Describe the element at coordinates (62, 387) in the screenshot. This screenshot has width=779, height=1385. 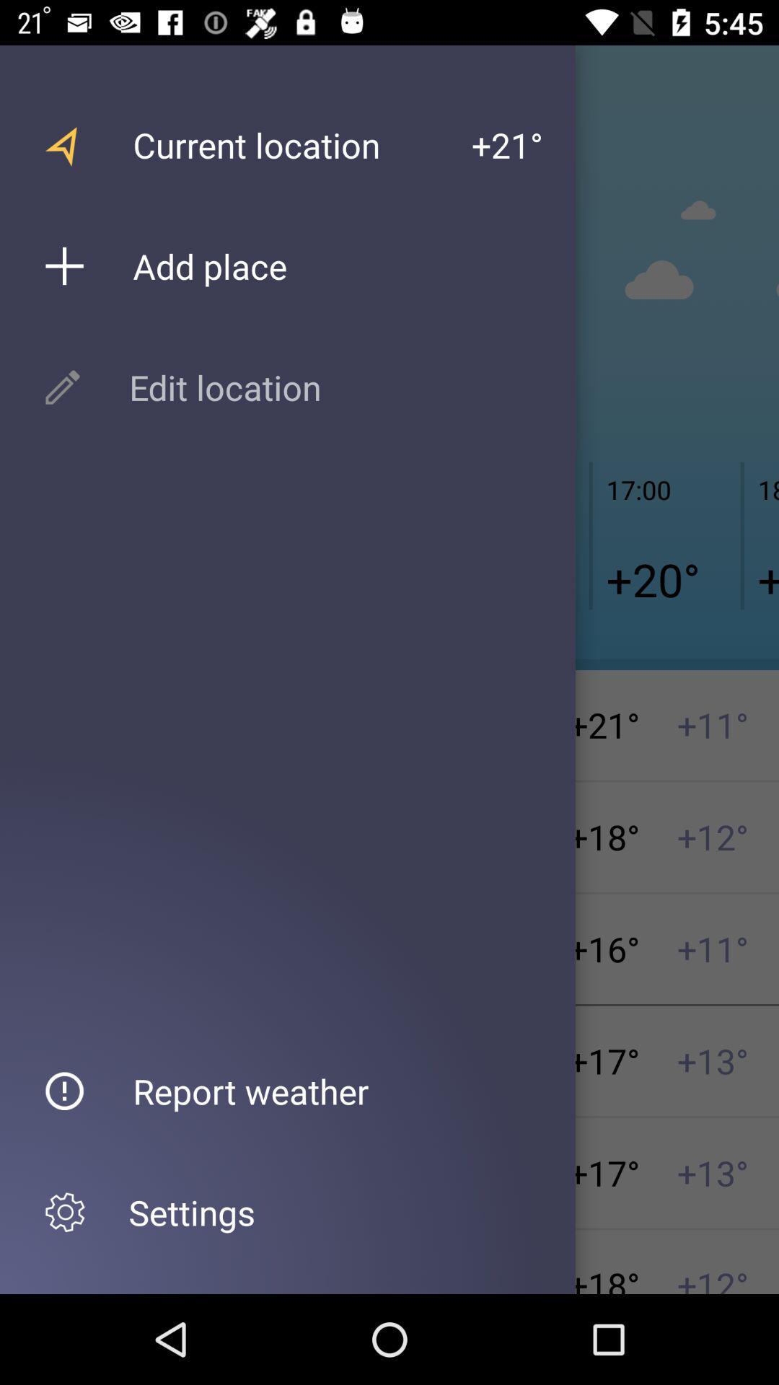
I see `the pen icon` at that location.